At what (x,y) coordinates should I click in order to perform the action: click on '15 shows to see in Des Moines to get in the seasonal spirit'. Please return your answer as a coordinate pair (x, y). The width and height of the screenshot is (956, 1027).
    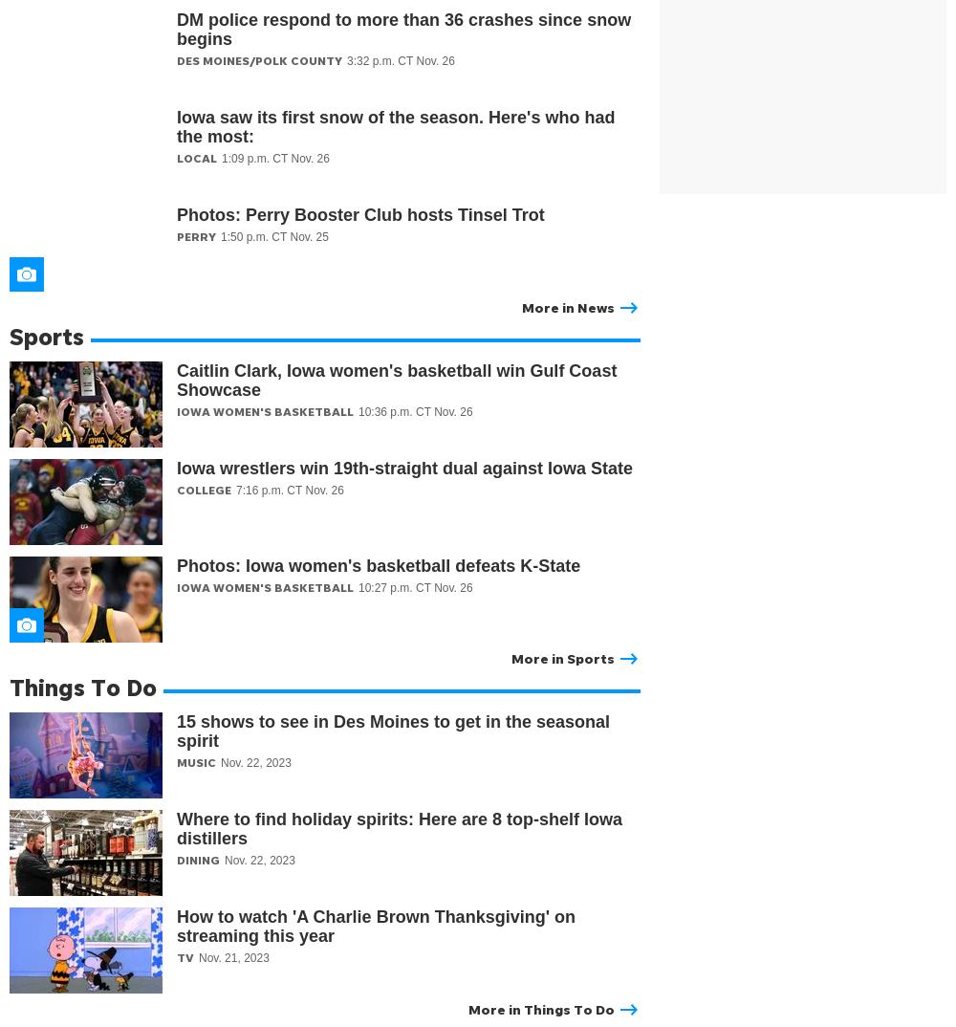
    Looking at the image, I should click on (393, 731).